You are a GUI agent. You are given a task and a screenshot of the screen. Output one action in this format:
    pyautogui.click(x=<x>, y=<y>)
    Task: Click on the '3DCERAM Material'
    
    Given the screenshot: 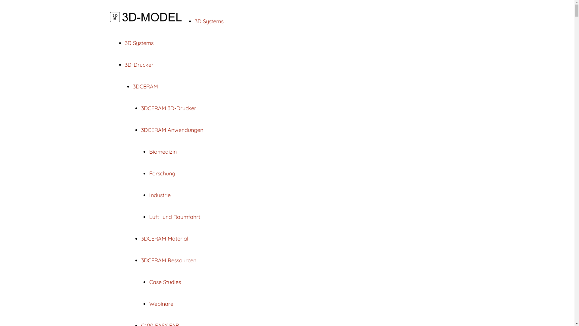 What is the action you would take?
    pyautogui.click(x=141, y=238)
    